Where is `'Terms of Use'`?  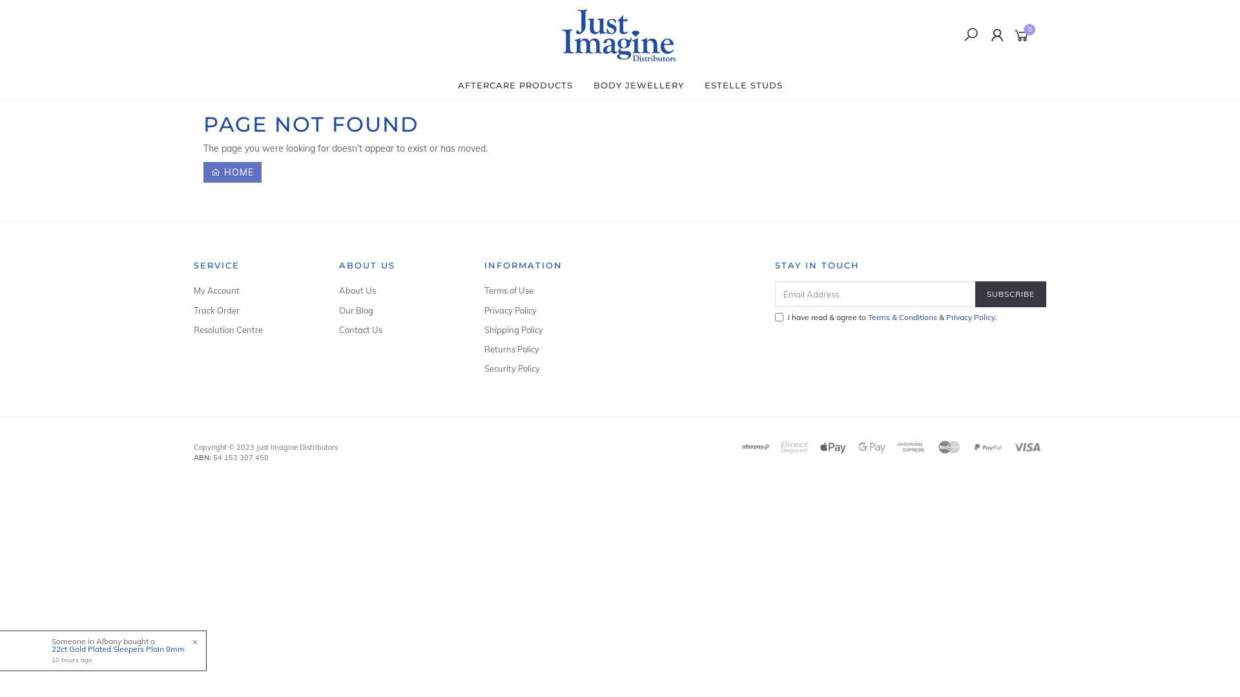
'Terms of Use' is located at coordinates (542, 290).